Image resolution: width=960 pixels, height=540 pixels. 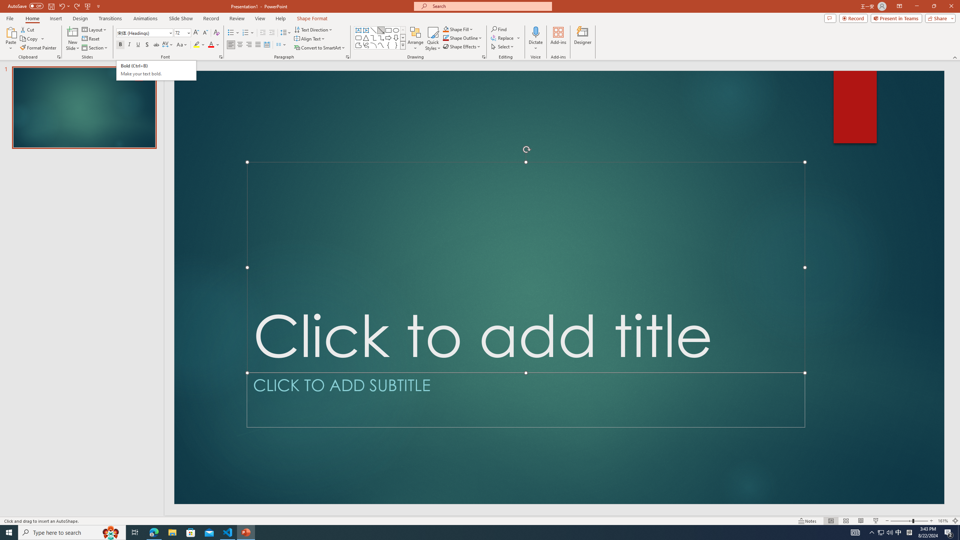 I want to click on 'Format Painter', so click(x=38, y=48).